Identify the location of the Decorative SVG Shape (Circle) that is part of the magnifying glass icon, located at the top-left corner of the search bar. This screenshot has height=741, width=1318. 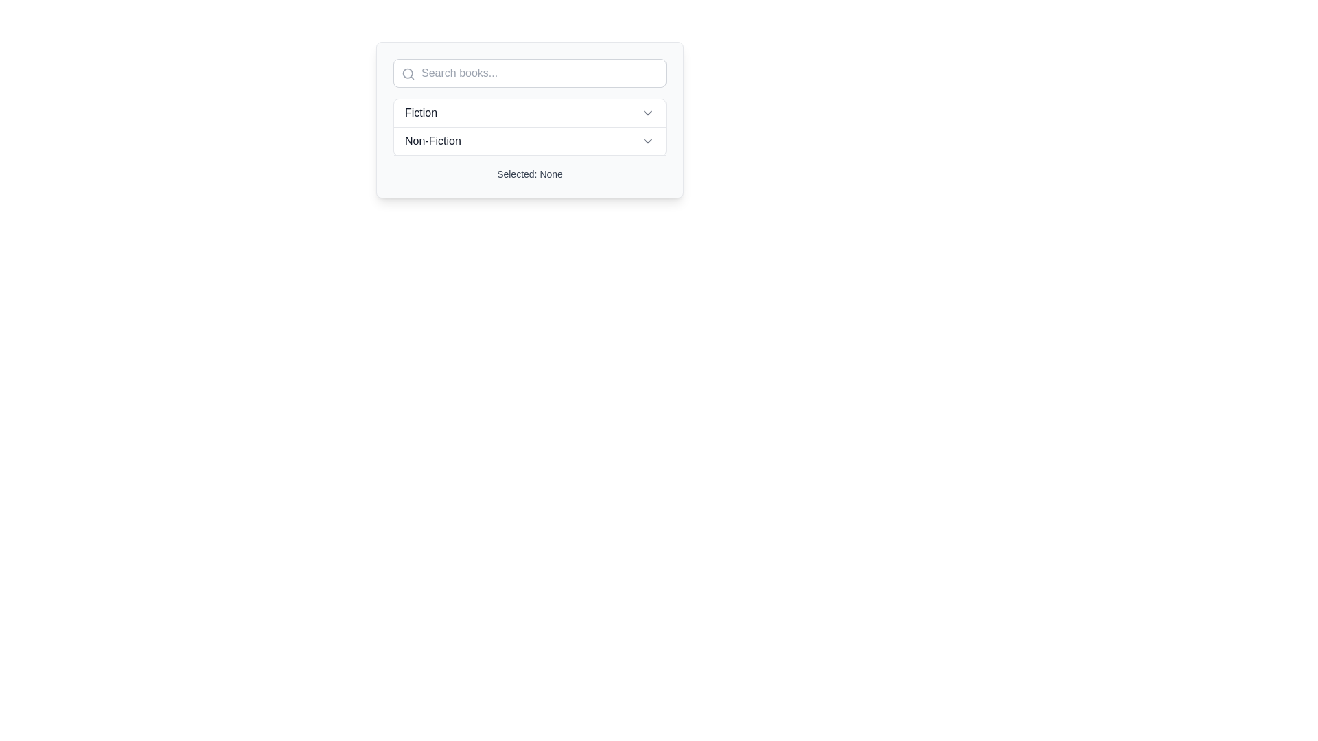
(407, 73).